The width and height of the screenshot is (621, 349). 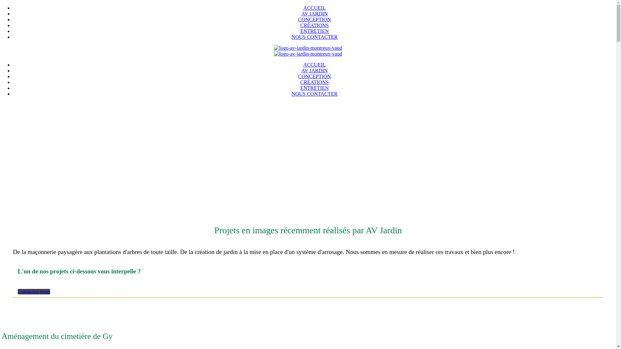 I want to click on 'ENTRETIEN', so click(x=300, y=31).